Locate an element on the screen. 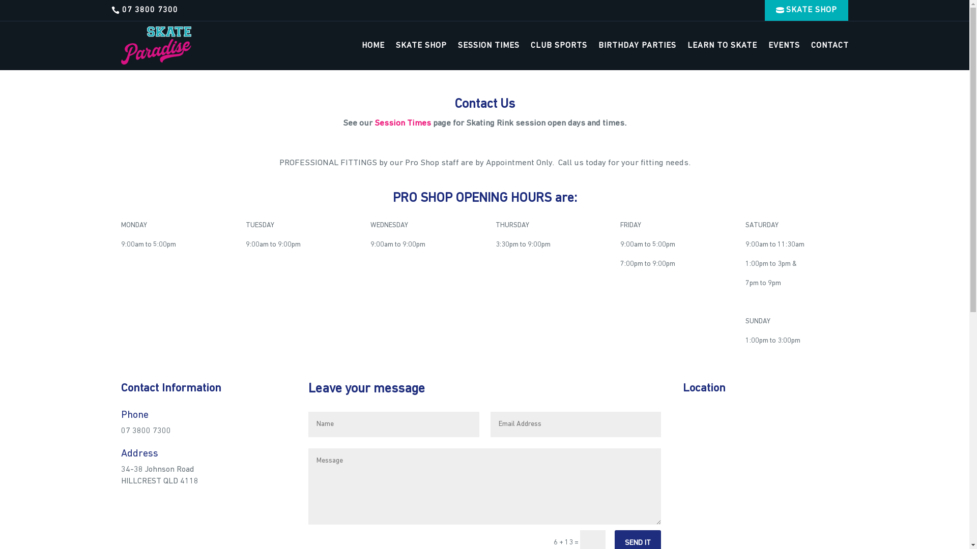  'EVENTS' is located at coordinates (783, 45).